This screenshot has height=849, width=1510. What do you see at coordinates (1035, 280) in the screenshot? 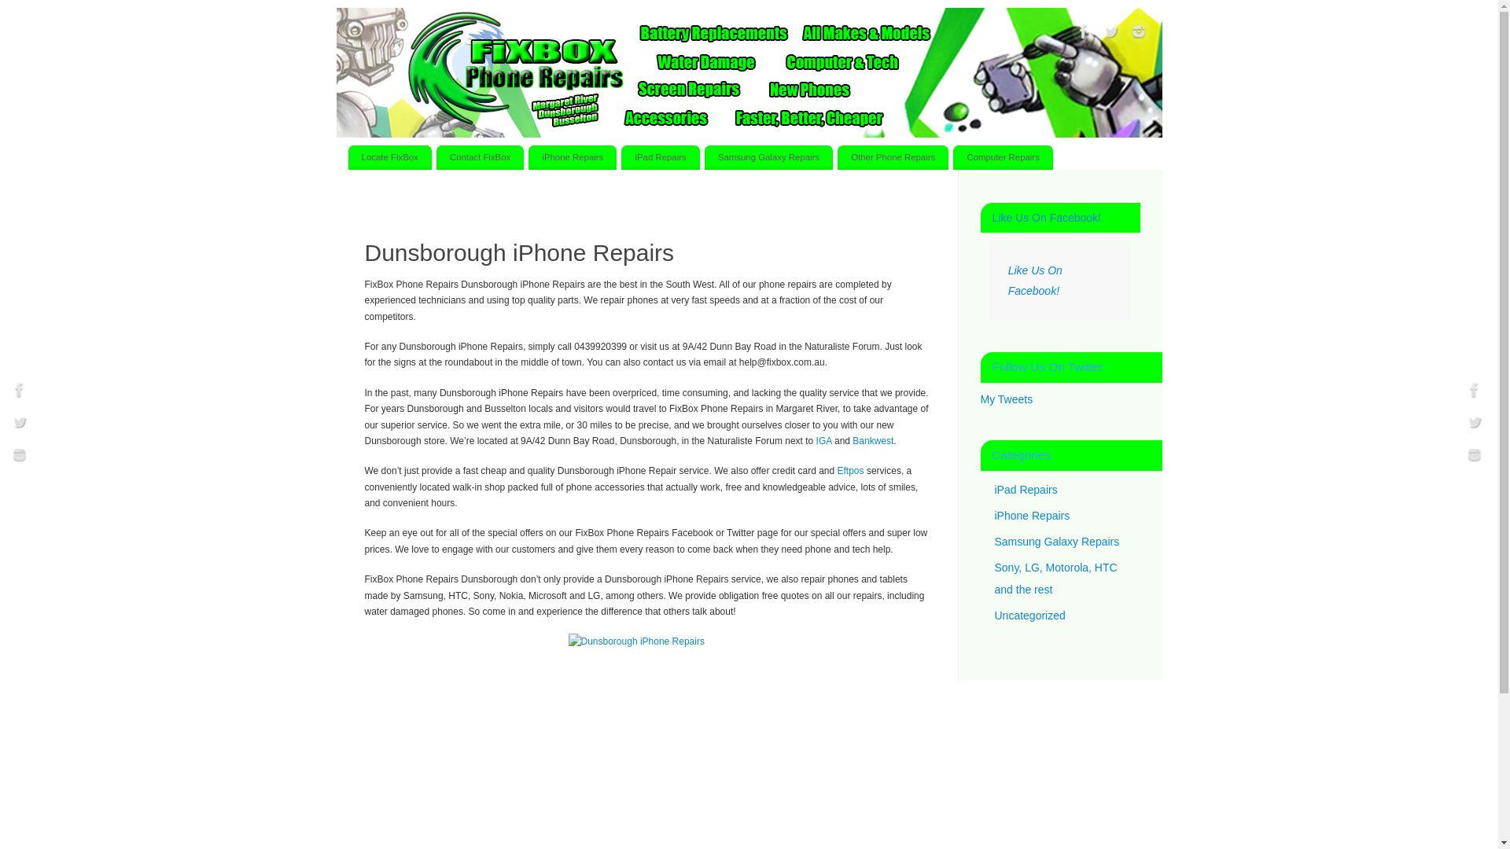
I see `'Like Us On Facebook!'` at bounding box center [1035, 280].